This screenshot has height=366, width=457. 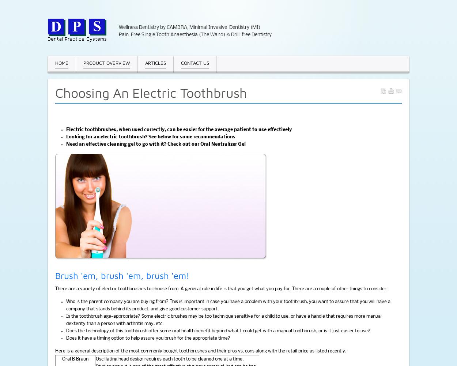 What do you see at coordinates (195, 34) in the screenshot?
I see `'Pain-Free Single Tooth Anaesthesia (The Wand) & Drill-free Dentistry'` at bounding box center [195, 34].